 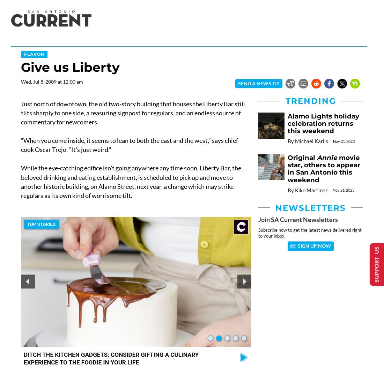 I want to click on 'Subscribe now to get the latest news delivered right to your inbox.', so click(x=258, y=232).